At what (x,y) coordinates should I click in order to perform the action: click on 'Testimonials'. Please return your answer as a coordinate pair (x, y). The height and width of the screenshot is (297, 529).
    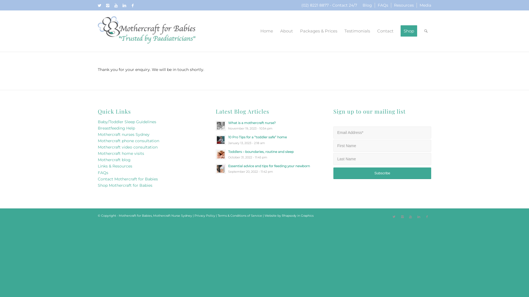
    Looking at the image, I should click on (357, 31).